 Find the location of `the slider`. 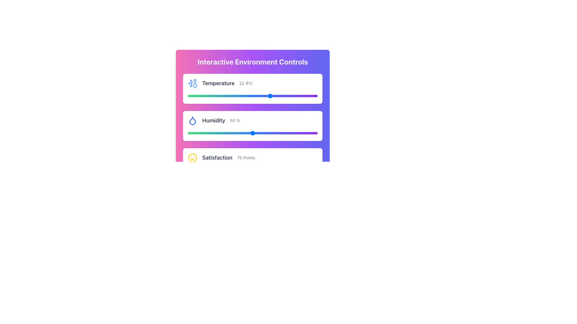

the slider is located at coordinates (211, 96).